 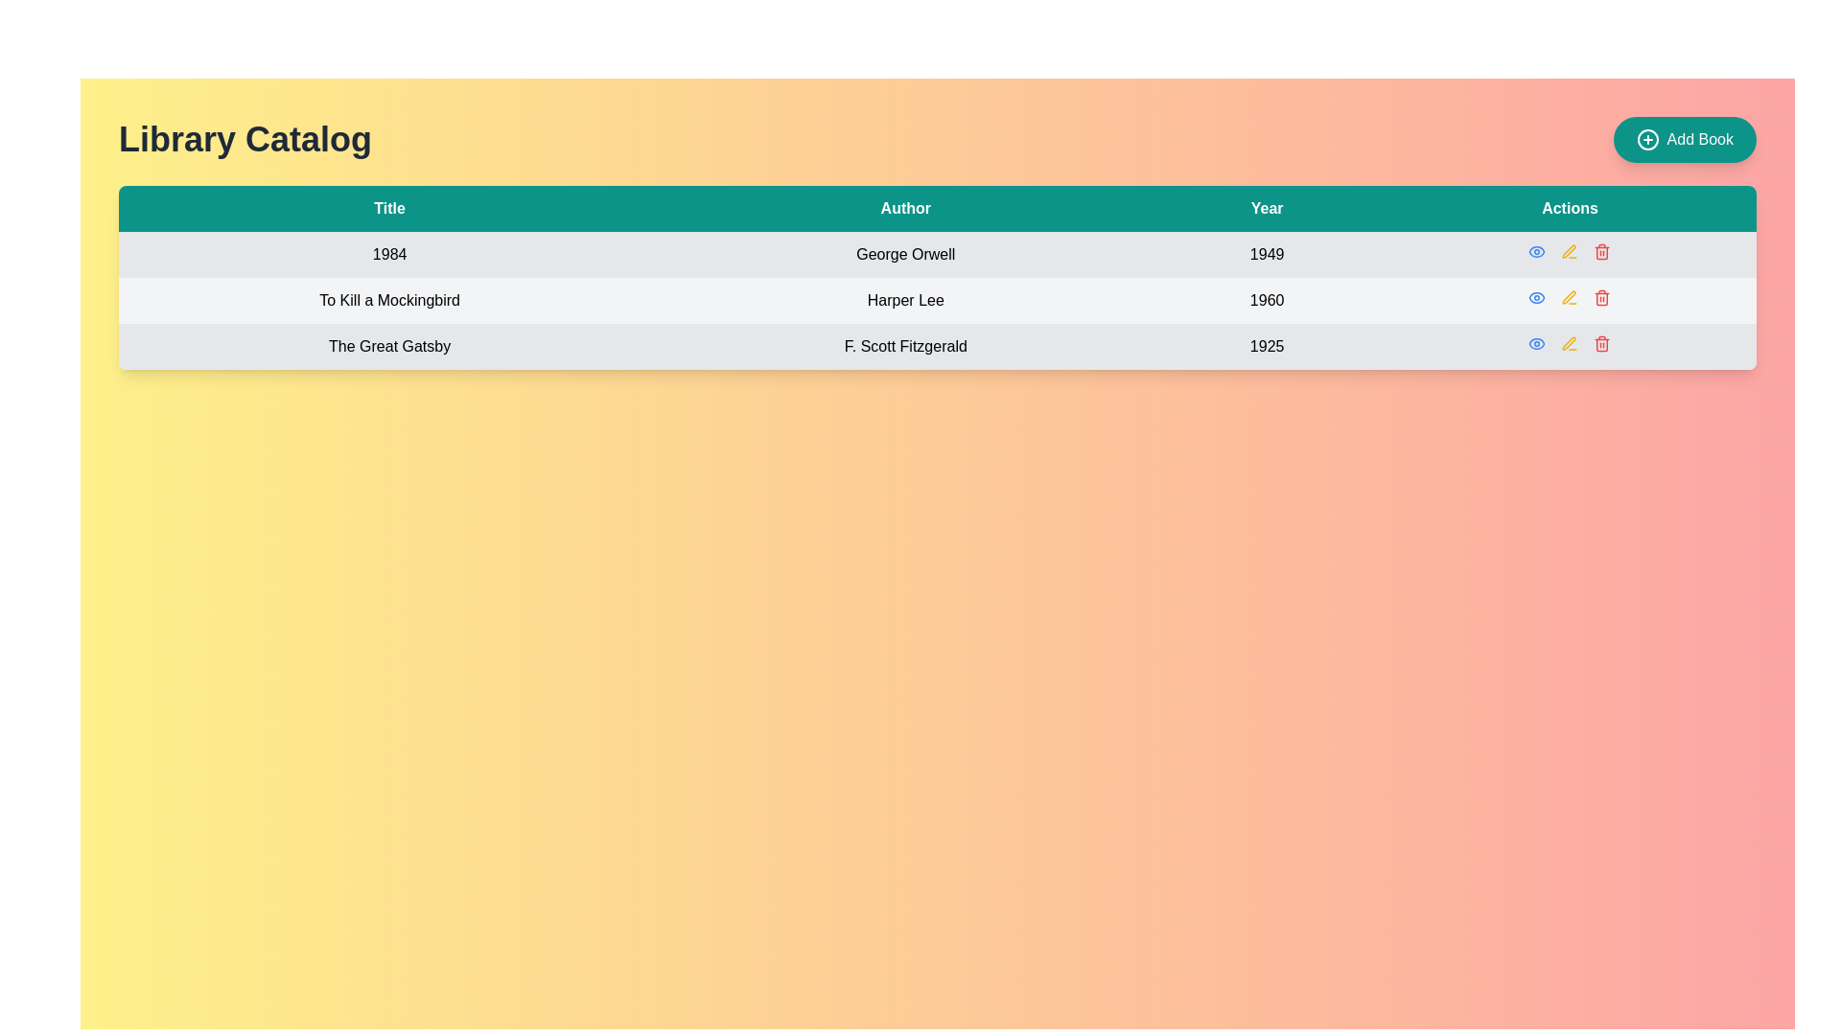 What do you see at coordinates (938, 347) in the screenshot?
I see `the third row of the Library Catalog table, which contains the title 'The Great Gatsby', the author 'F. Scott Fitzgerald', and the year '1925', for interaction` at bounding box center [938, 347].